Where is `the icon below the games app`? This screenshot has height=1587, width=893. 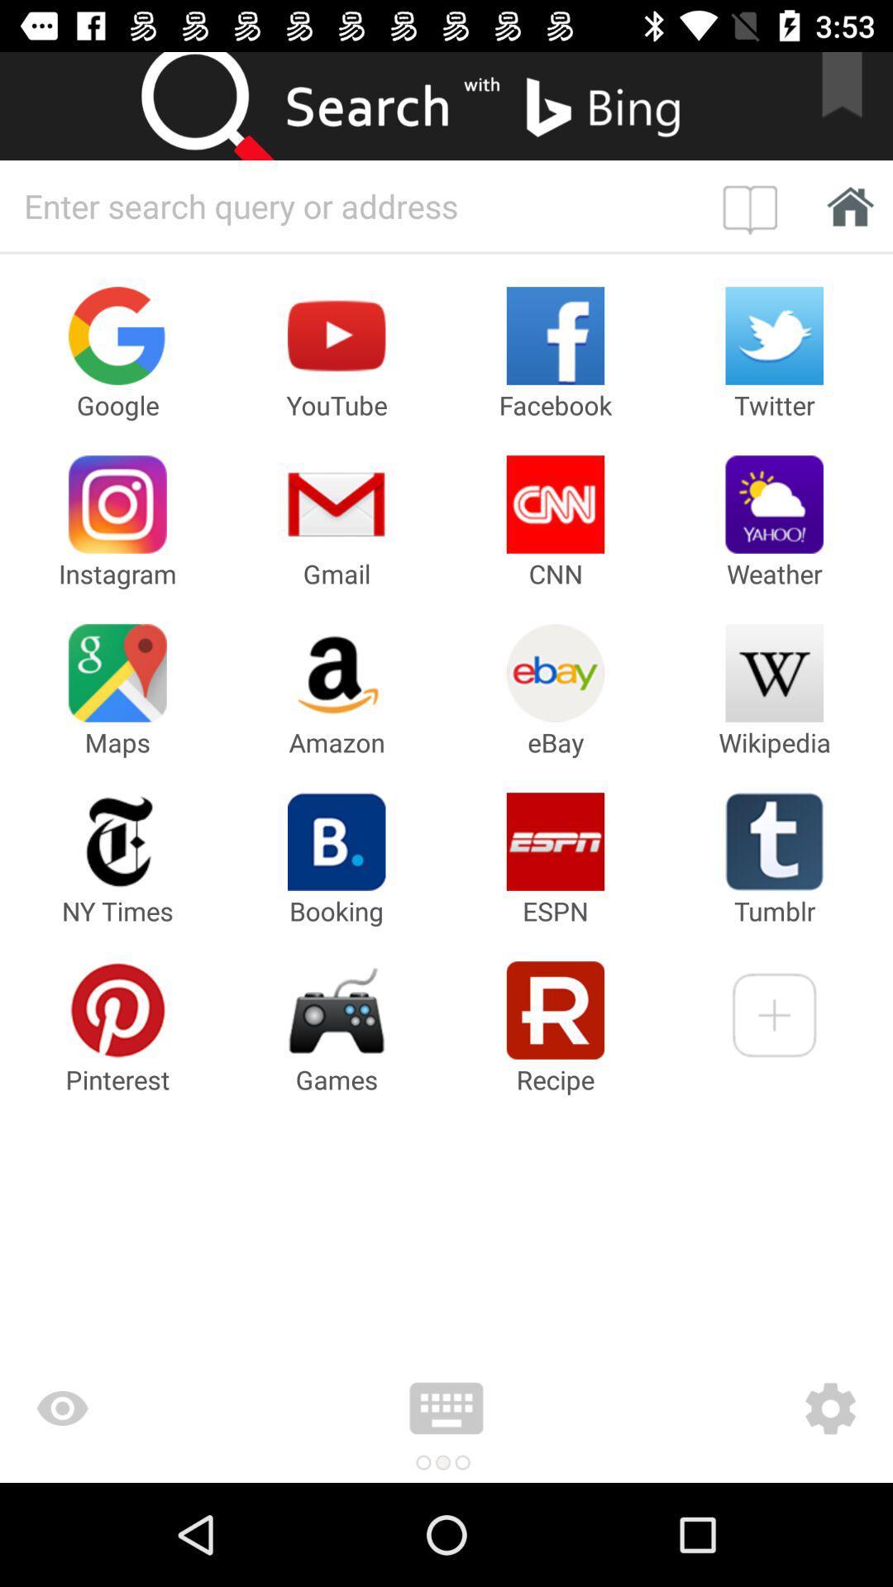 the icon below the games app is located at coordinates (446, 1408).